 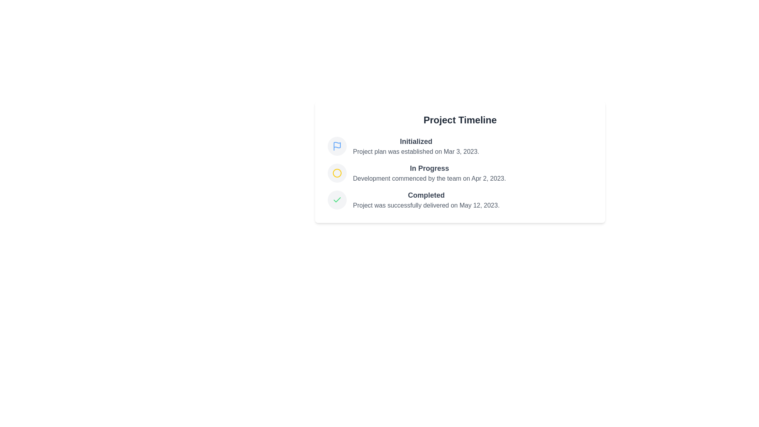 I want to click on the graphical checkmark icon styled with a green stroke, located next to the 'Completed' status text in the timeline section, so click(x=337, y=199).